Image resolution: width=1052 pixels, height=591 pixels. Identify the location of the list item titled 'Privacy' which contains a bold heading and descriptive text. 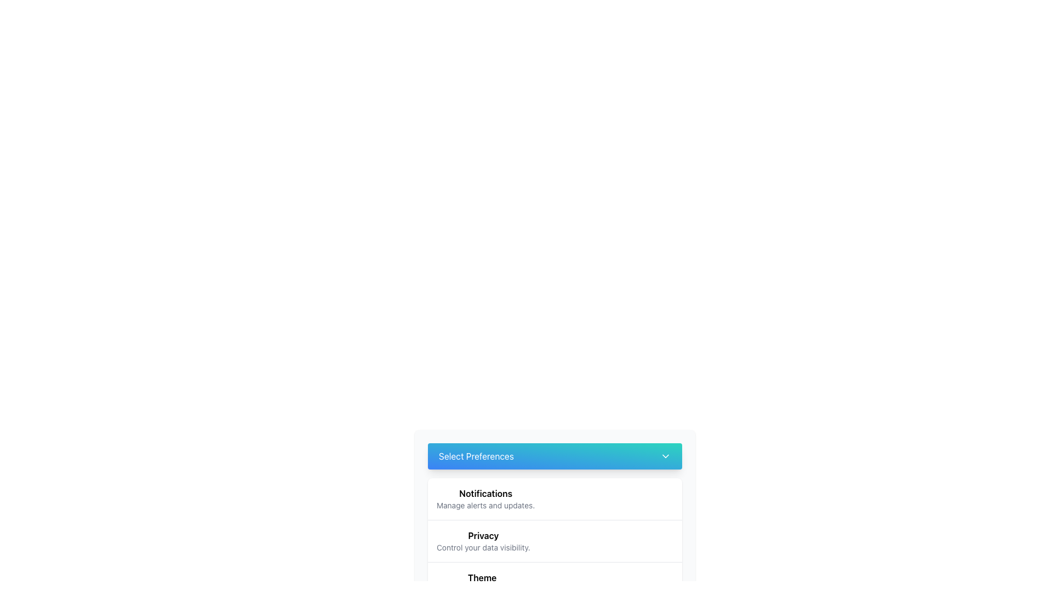
(483, 540).